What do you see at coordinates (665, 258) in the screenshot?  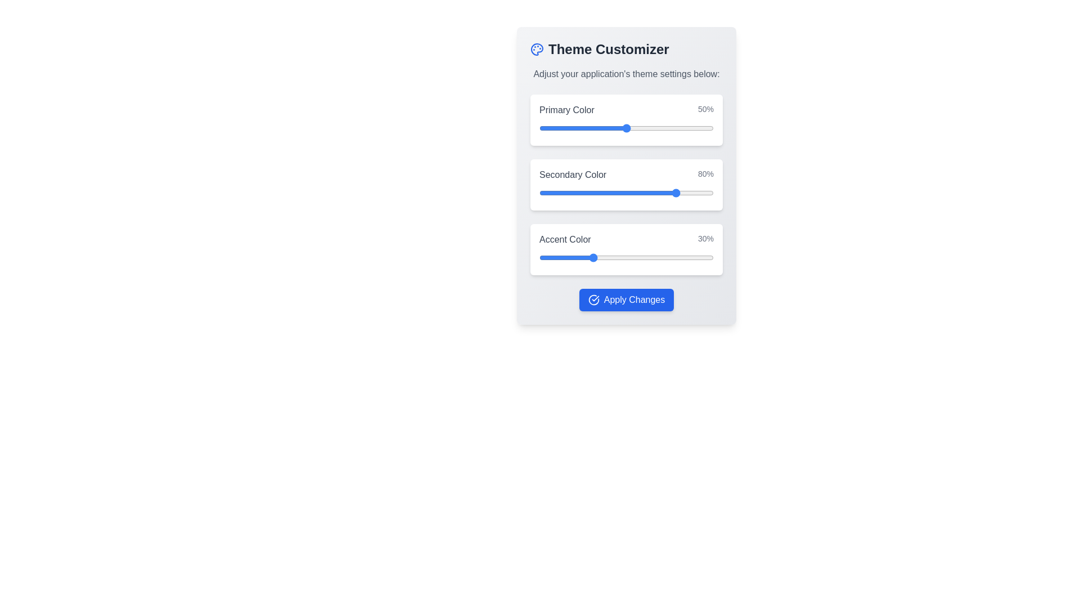 I see `the accent color percentage` at bounding box center [665, 258].